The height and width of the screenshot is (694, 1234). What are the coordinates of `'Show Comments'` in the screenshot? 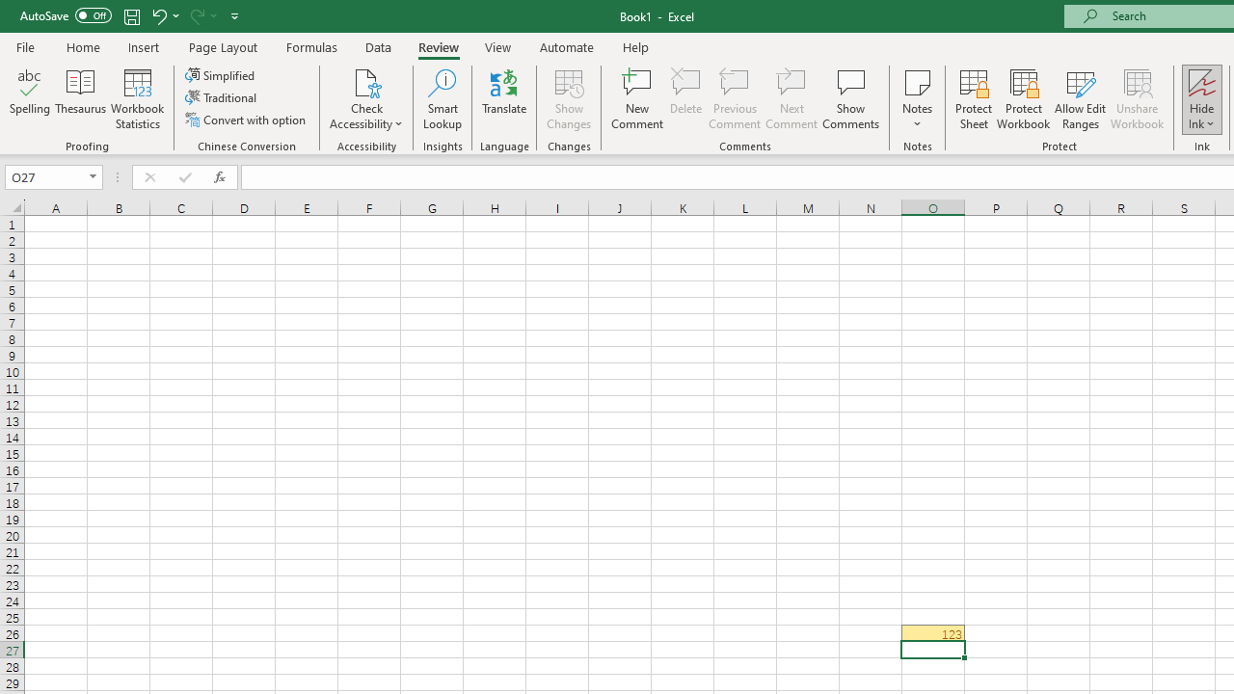 It's located at (850, 99).